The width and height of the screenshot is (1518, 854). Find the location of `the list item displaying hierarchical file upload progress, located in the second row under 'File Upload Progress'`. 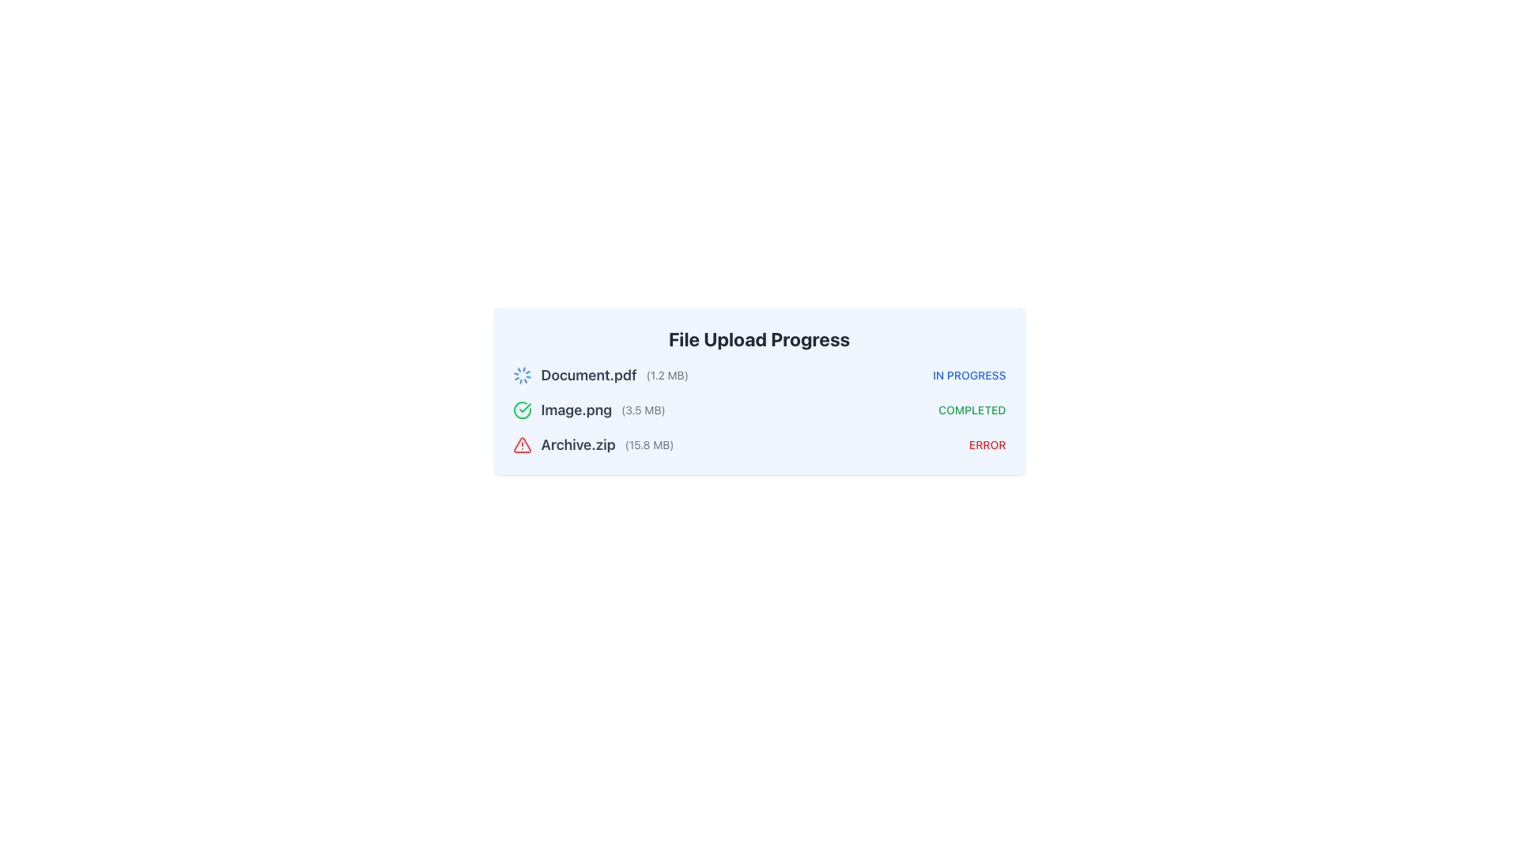

the list item displaying hierarchical file upload progress, located in the second row under 'File Upload Progress' is located at coordinates (759, 410).